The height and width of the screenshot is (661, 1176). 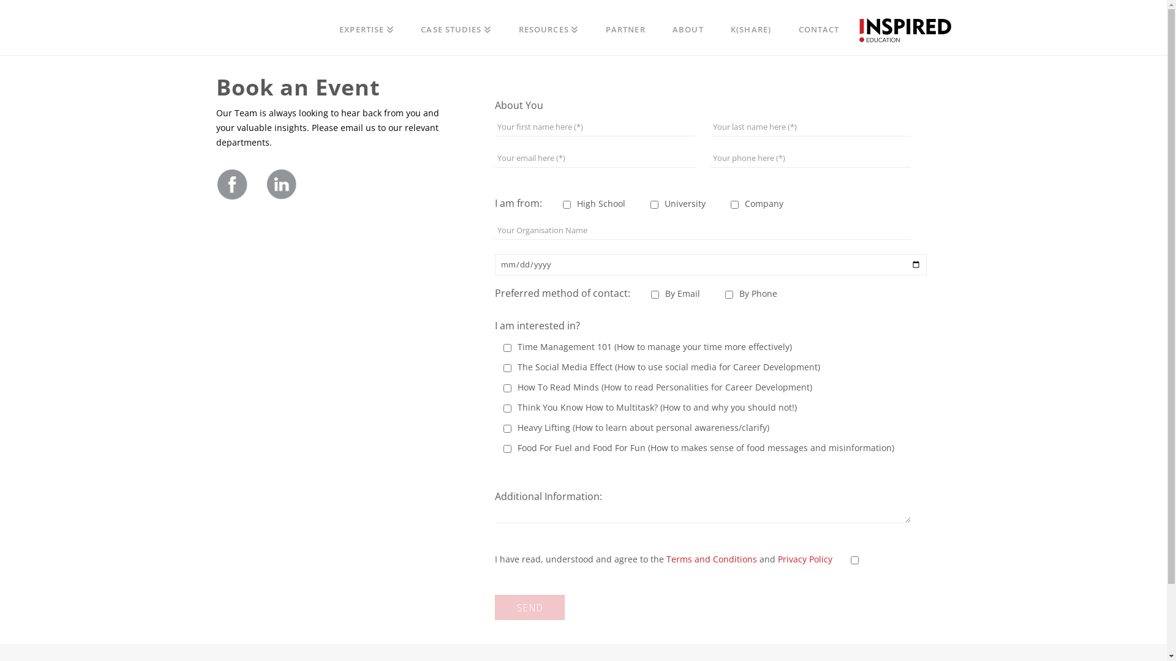 What do you see at coordinates (750, 28) in the screenshot?
I see `'K(SHARE)'` at bounding box center [750, 28].